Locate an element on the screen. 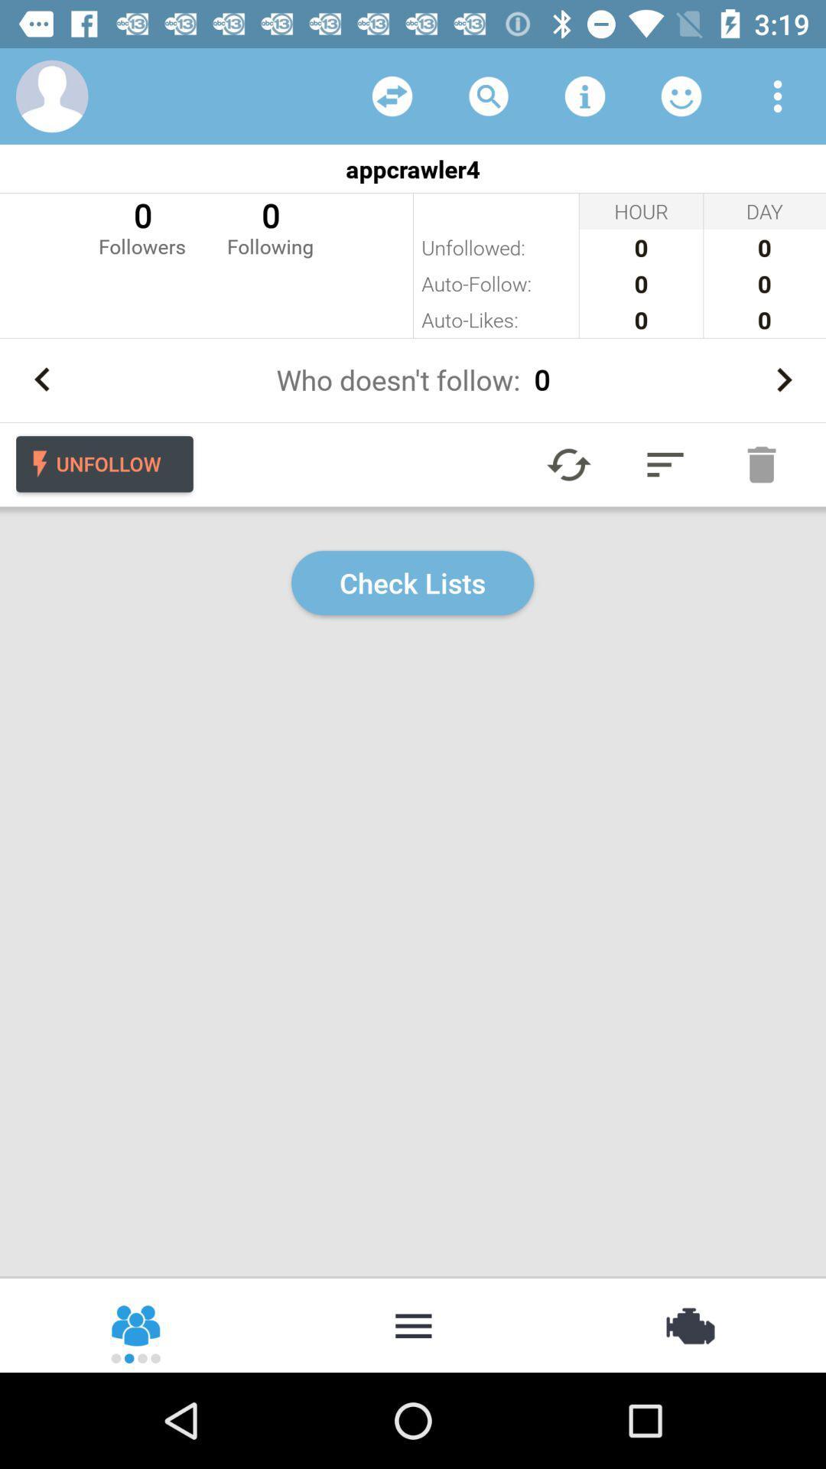 The width and height of the screenshot is (826, 1469). refresh is located at coordinates (569, 464).